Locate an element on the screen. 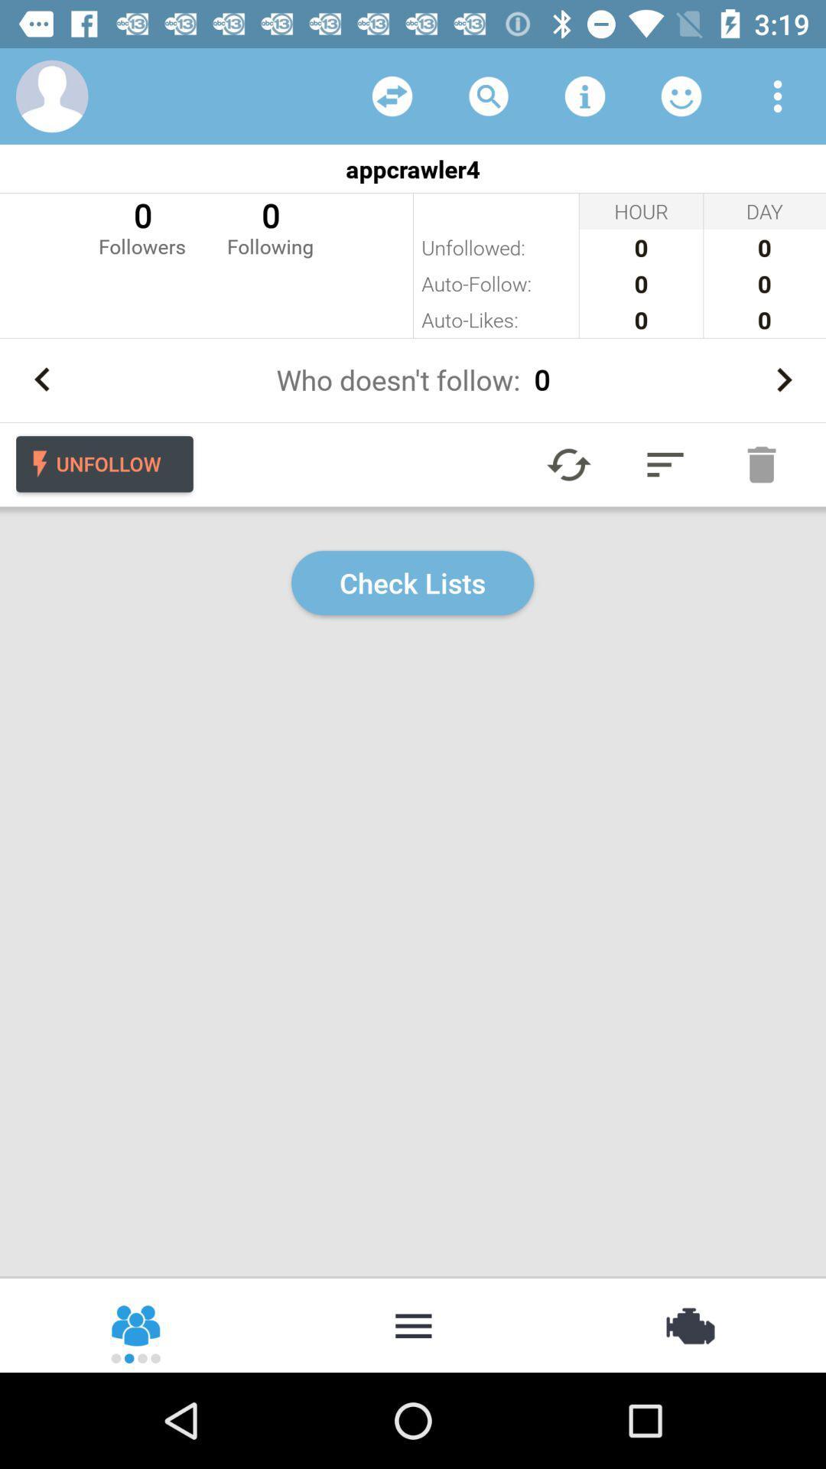 The width and height of the screenshot is (826, 1469). refresh is located at coordinates (569, 464).